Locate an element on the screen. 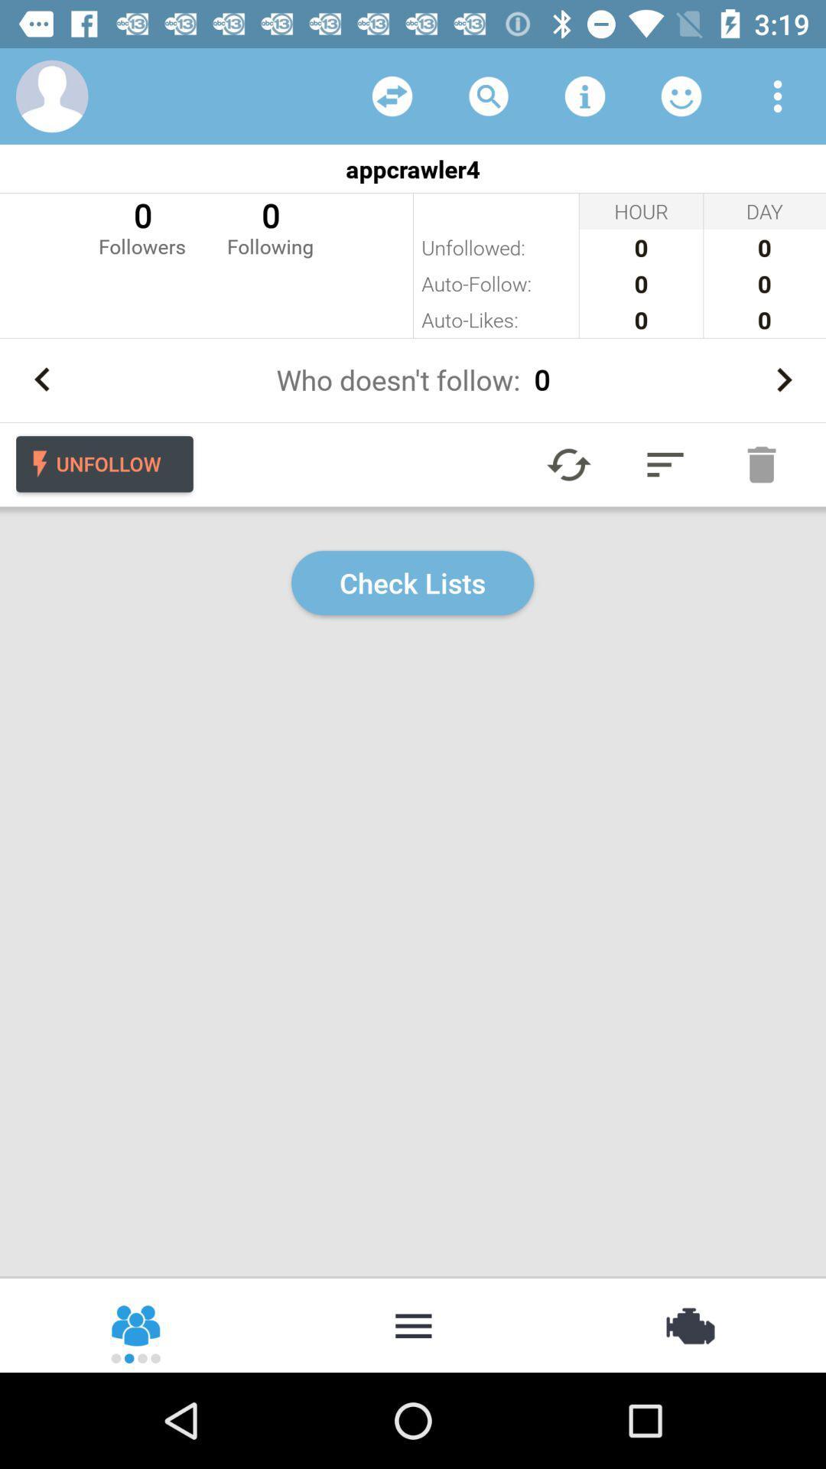 The width and height of the screenshot is (826, 1469). refresh is located at coordinates (569, 464).